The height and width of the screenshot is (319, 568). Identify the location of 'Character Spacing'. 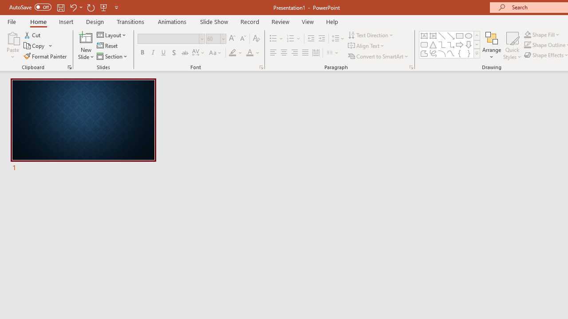
(198, 53).